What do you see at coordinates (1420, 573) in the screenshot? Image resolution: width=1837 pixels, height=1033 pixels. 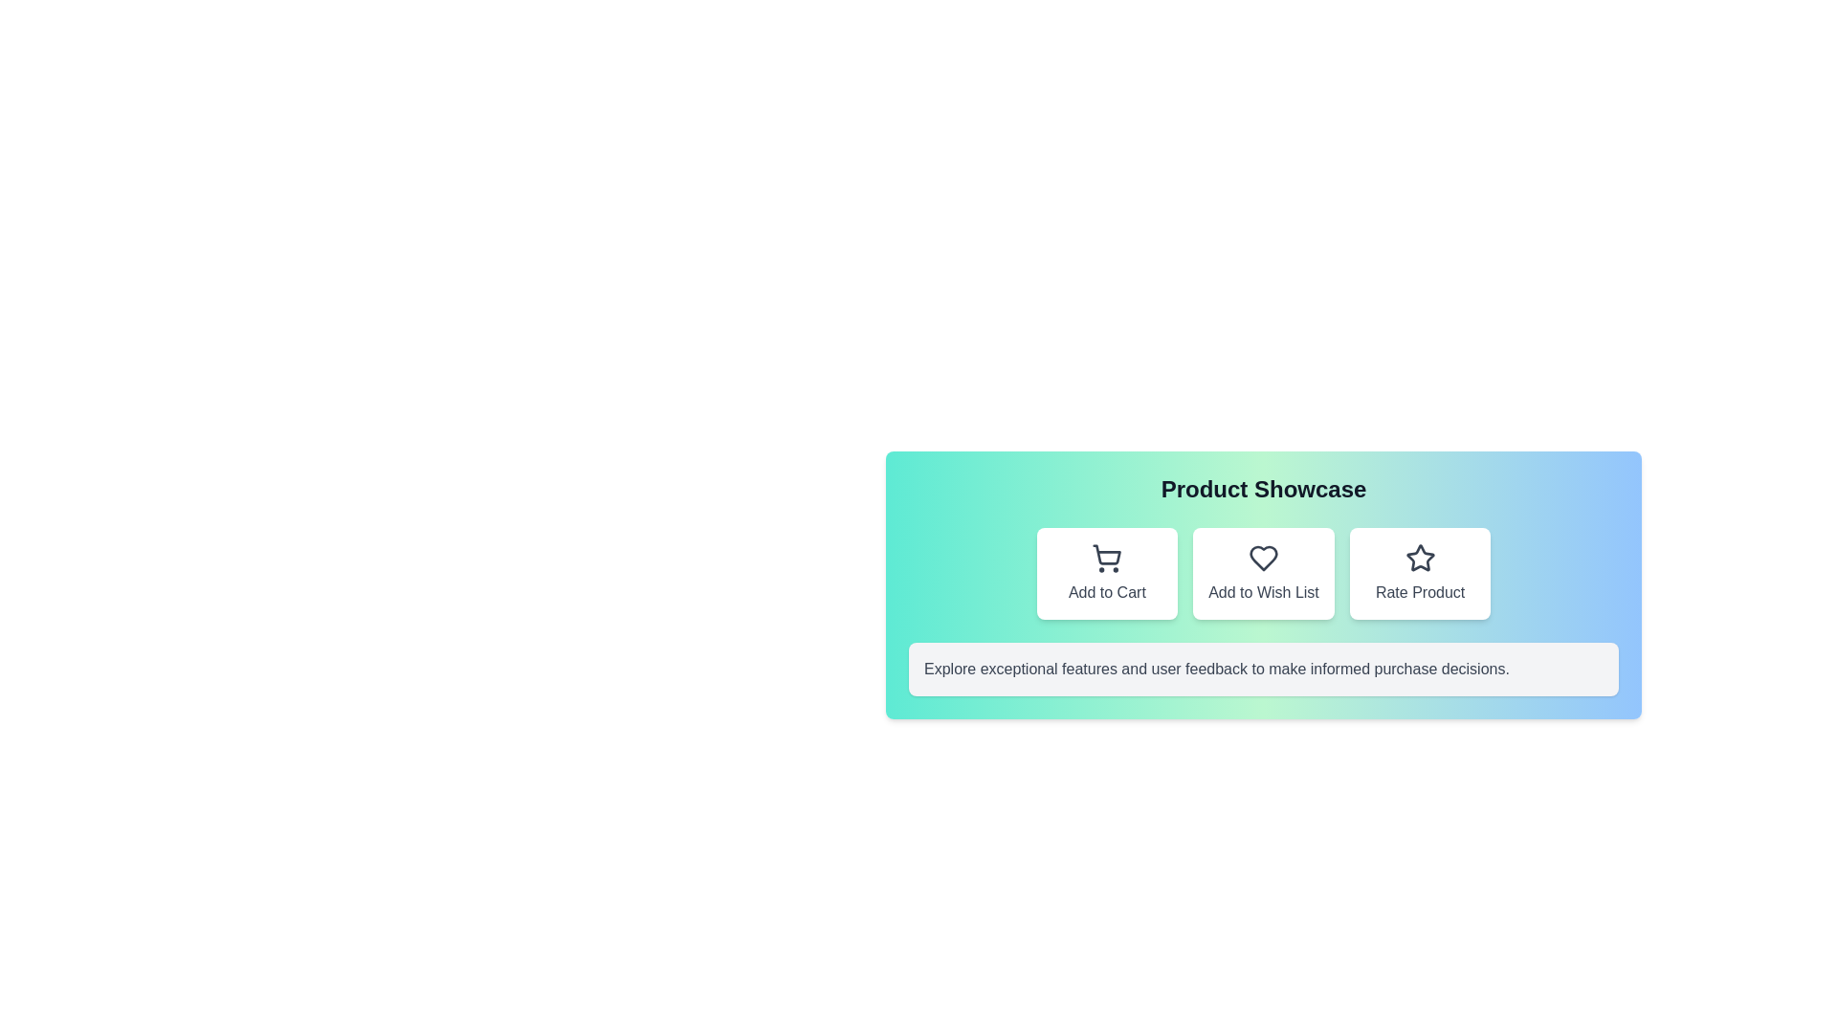 I see `the rating button located at the rightmost position of a row of three buttons, which is styled as a three-column grid, to trigger hover effects` at bounding box center [1420, 573].